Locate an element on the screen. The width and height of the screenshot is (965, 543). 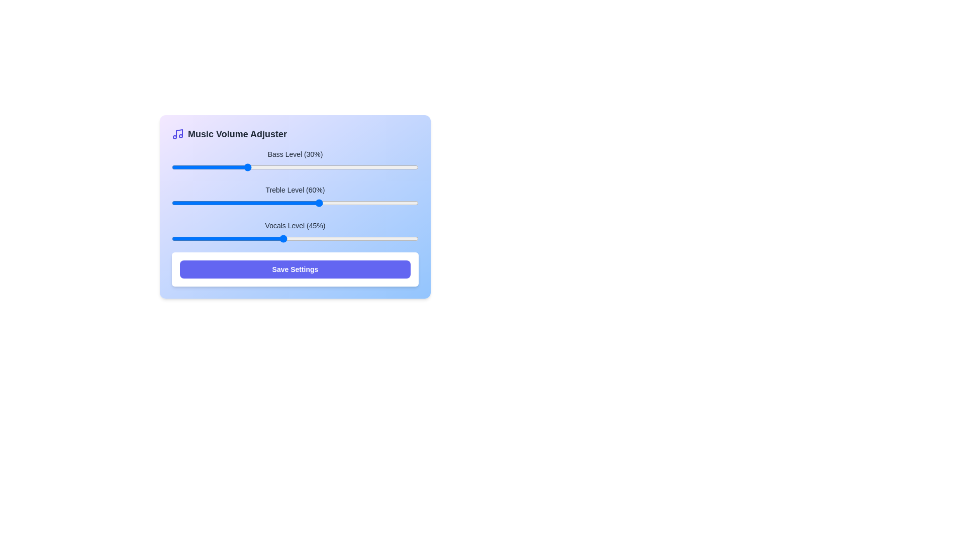
the bass level is located at coordinates (401, 166).